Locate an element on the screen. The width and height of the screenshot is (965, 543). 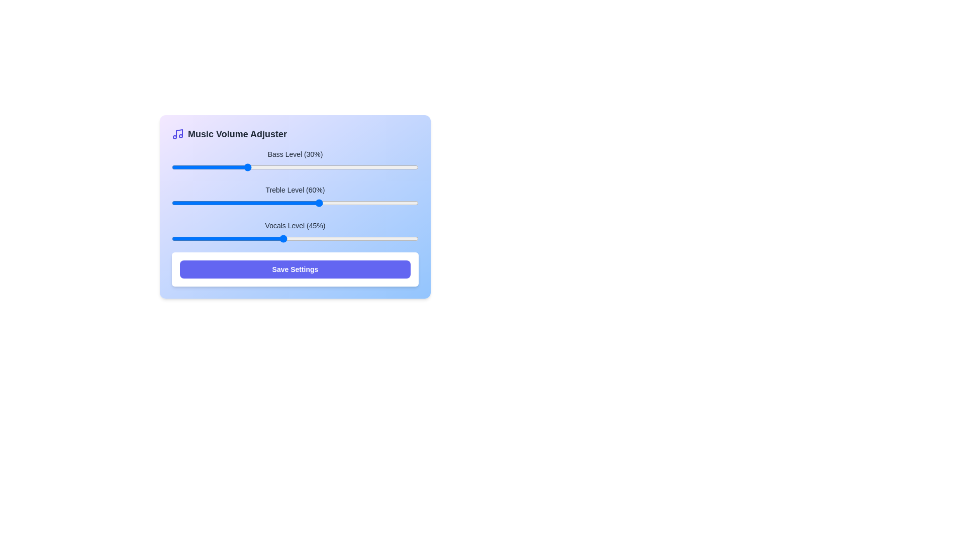
the bass level is located at coordinates (401, 166).